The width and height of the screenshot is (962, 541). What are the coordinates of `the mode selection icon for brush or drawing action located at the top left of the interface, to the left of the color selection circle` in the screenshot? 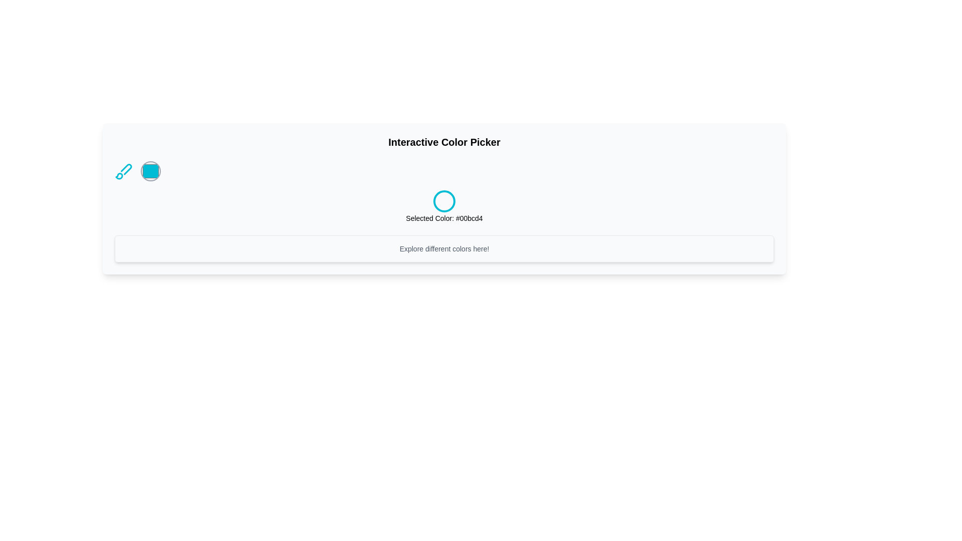 It's located at (123, 171).